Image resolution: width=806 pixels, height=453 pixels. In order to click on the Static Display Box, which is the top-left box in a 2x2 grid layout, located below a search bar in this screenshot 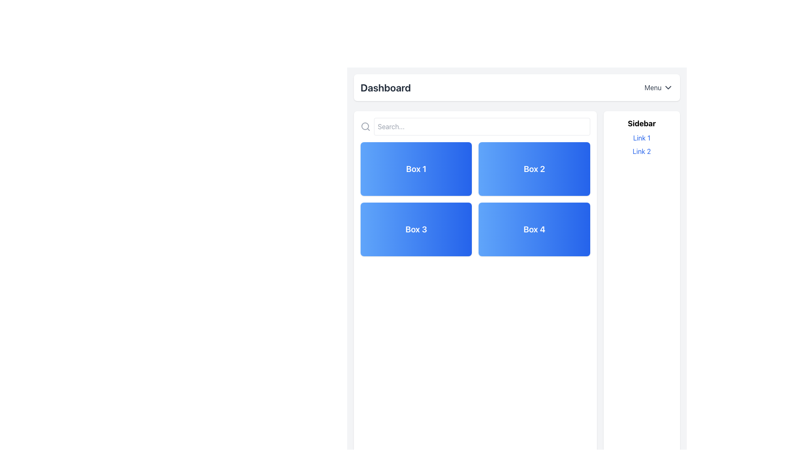, I will do `click(416, 169)`.